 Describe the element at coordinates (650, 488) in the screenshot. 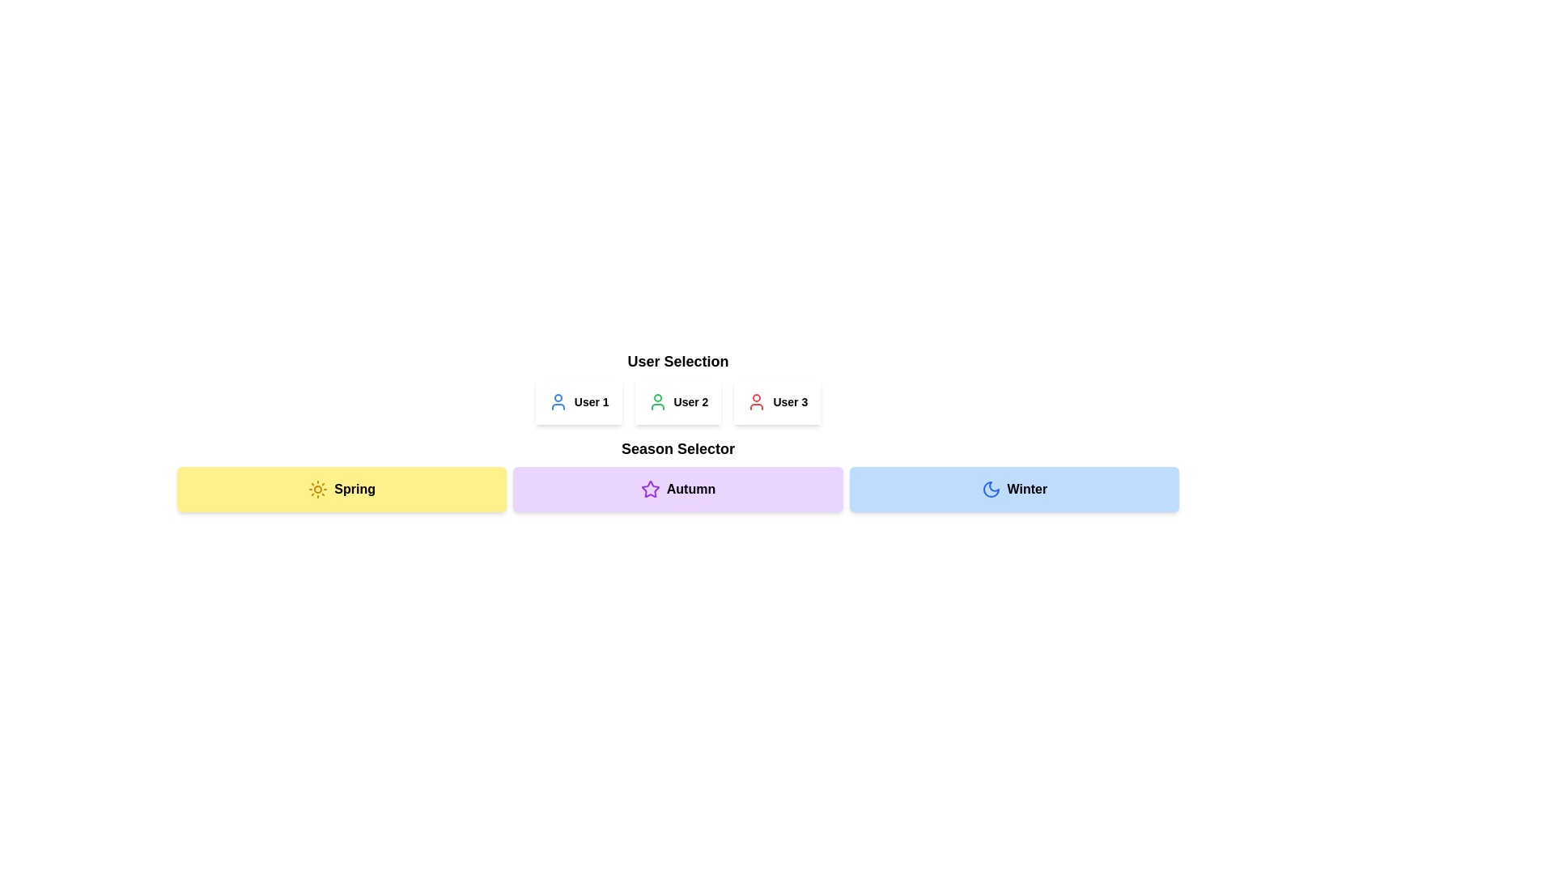

I see `the star icon with a hollow design and bold purple borders located on the 'Autumn' button in the 'Season Selector' section` at that location.